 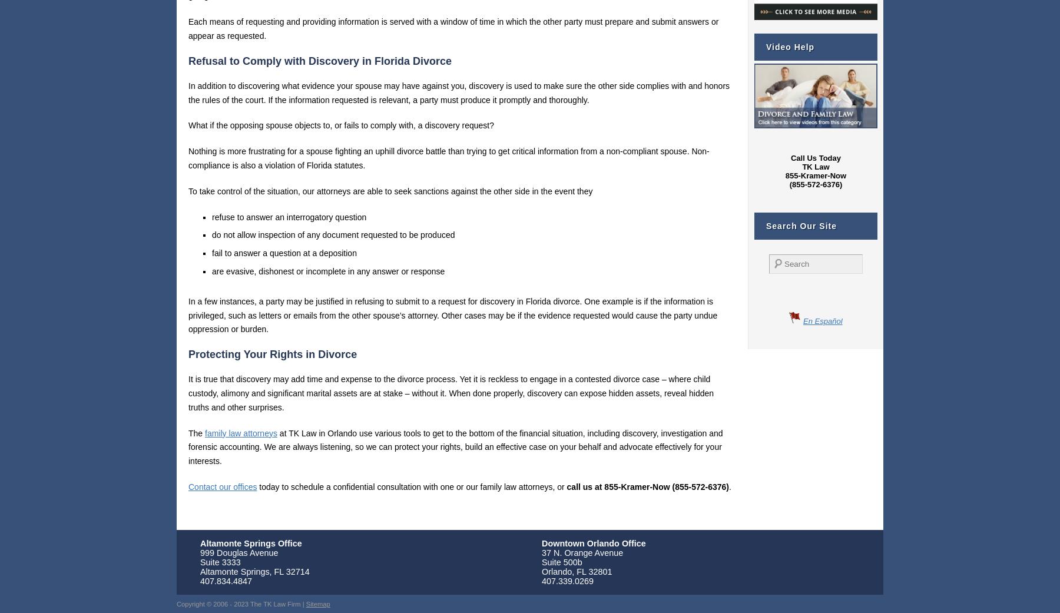 What do you see at coordinates (541, 561) in the screenshot?
I see `'Suite 500b'` at bounding box center [541, 561].